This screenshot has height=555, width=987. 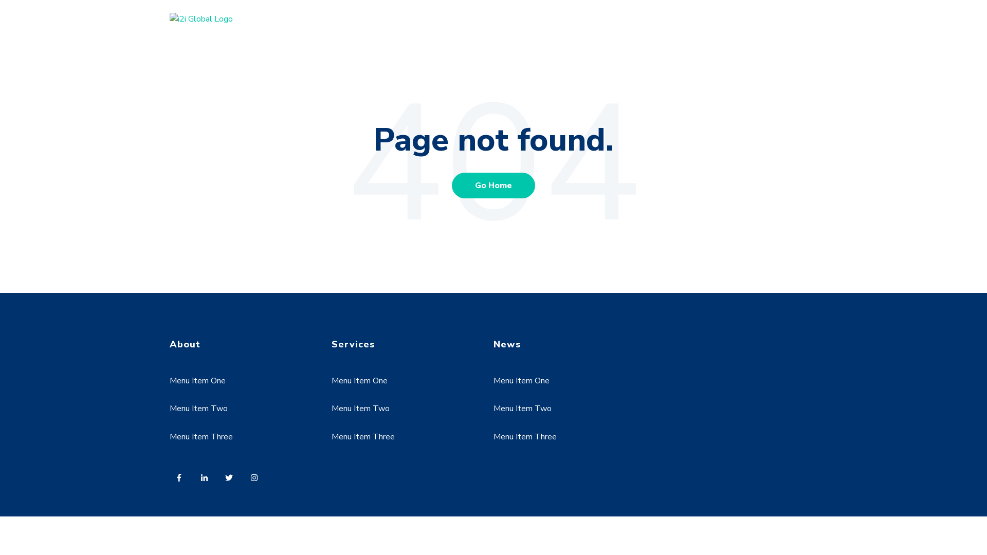 I want to click on 'Follow us on Facebook', so click(x=182, y=480).